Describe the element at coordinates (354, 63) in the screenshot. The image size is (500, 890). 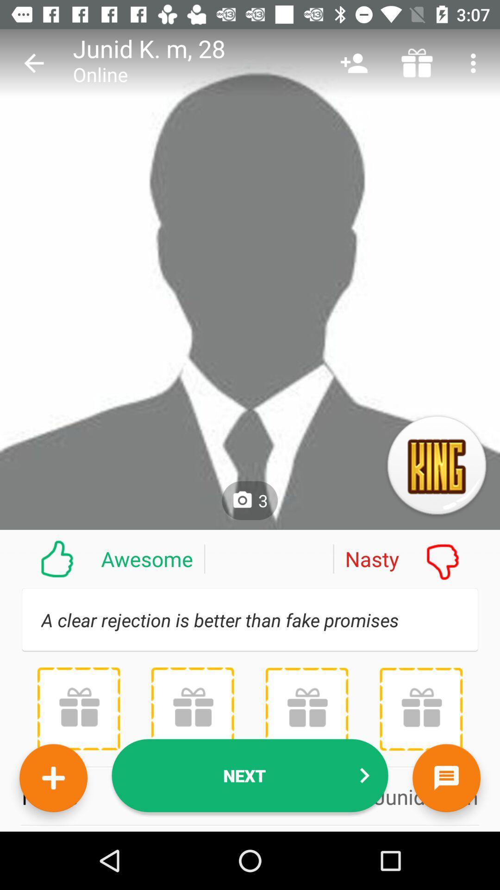
I see `the item above nasty` at that location.